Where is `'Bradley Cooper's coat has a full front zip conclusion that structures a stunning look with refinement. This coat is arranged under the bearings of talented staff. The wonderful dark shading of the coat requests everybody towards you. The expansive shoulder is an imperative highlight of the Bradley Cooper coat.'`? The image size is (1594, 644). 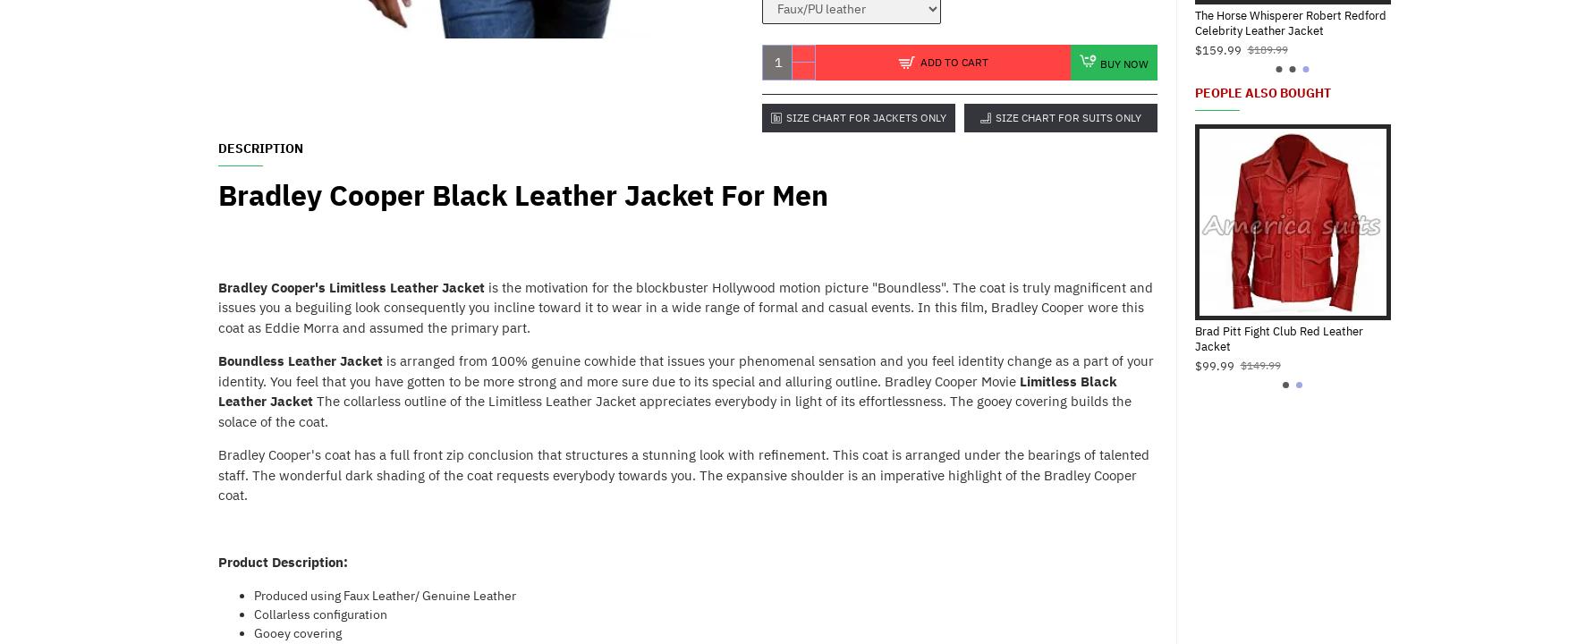 'Bradley Cooper's coat has a full front zip conclusion that structures a stunning look with refinement. This coat is arranged under the bearings of talented staff. The wonderful dark shading of the coat requests everybody towards you. The expansive shoulder is an imperative highlight of the Bradley Cooper coat.' is located at coordinates (217, 474).